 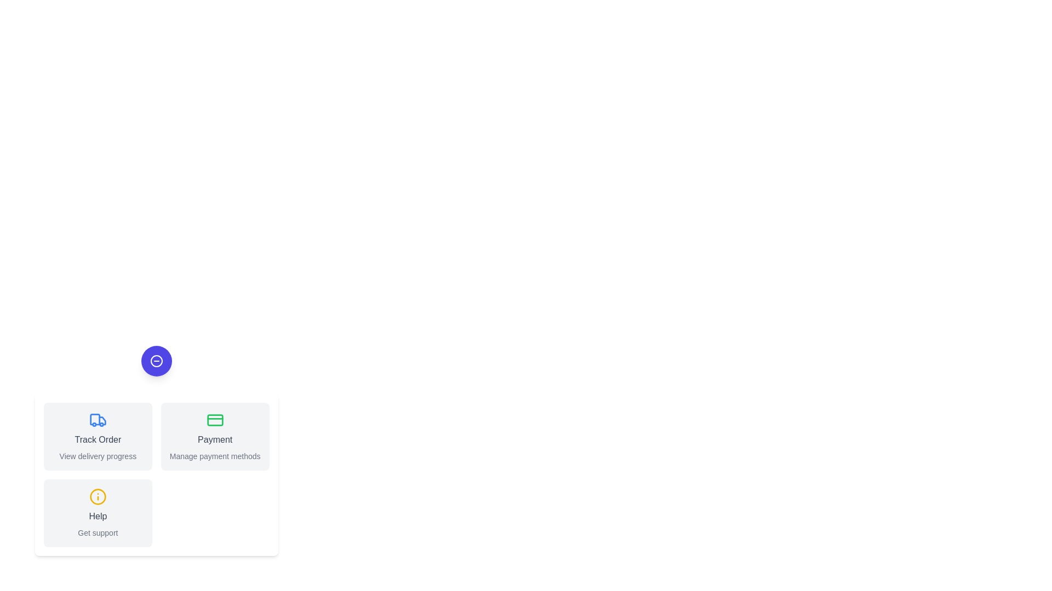 I want to click on the 'Track Order' button, so click(x=98, y=436).